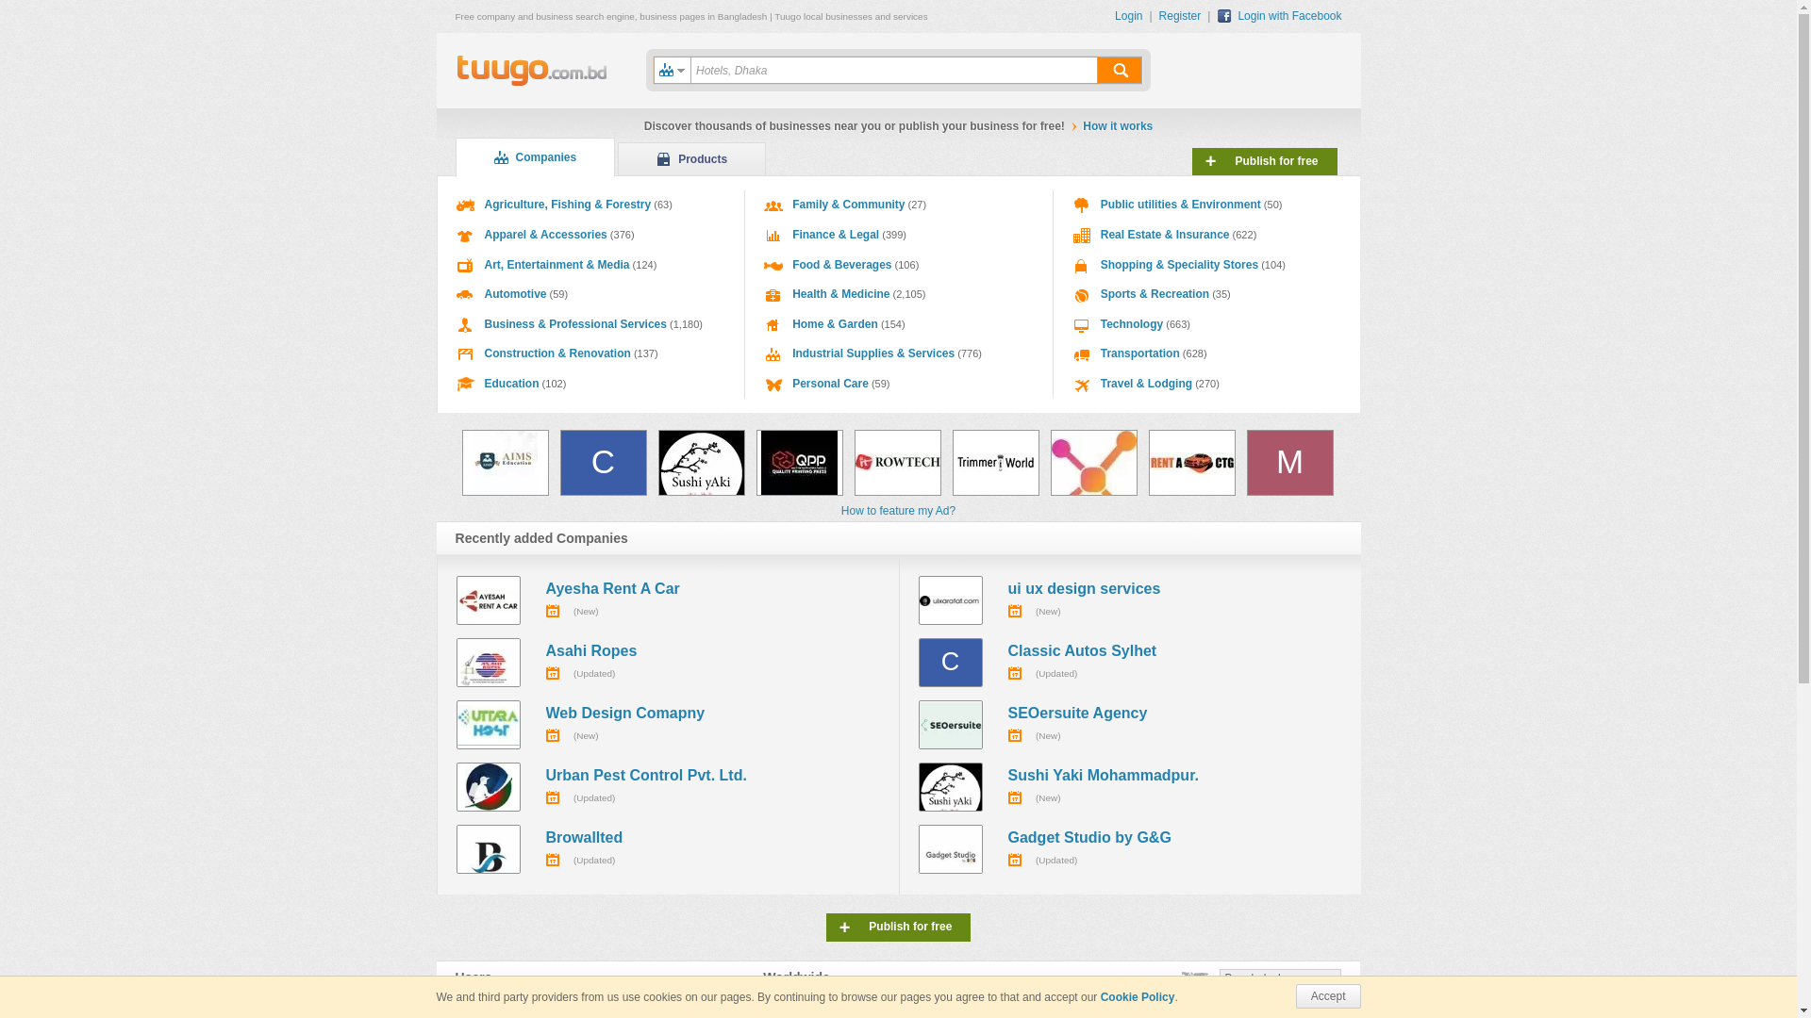  I want to click on 'Accept', so click(1327, 994).